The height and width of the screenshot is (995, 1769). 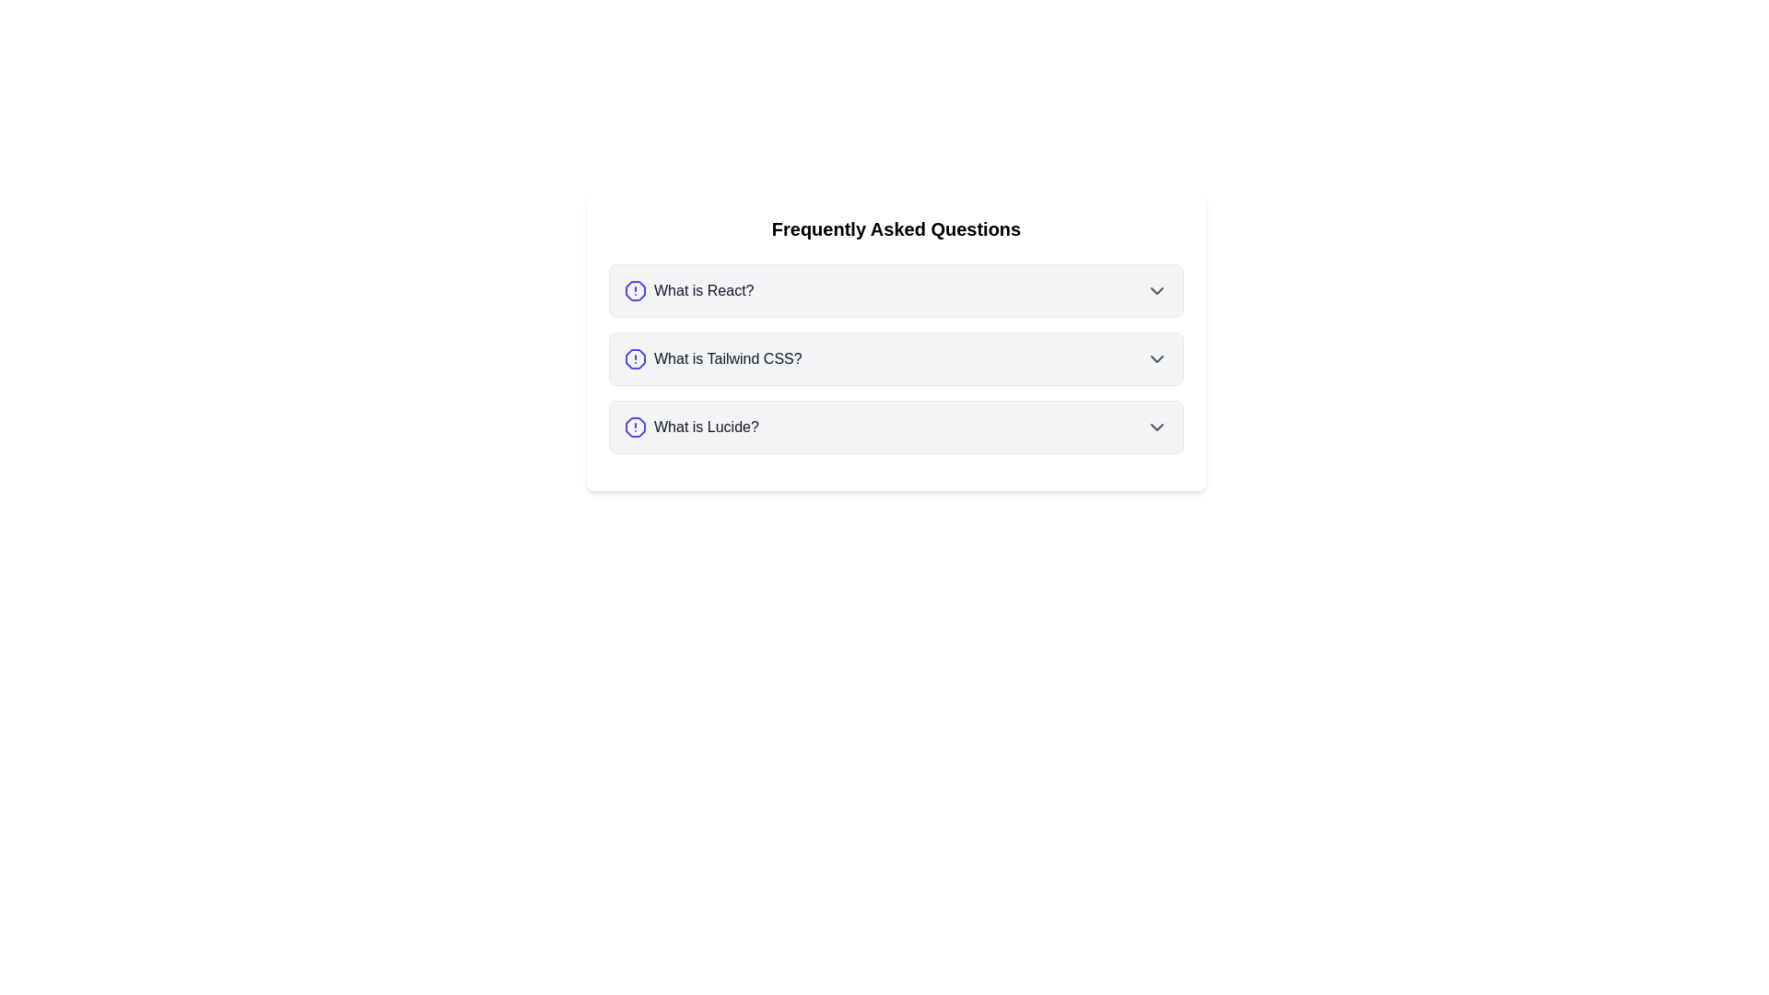 I want to click on the text label reading 'What is React?' which is the first question in the Frequently Asked Questions list, so click(x=703, y=290).